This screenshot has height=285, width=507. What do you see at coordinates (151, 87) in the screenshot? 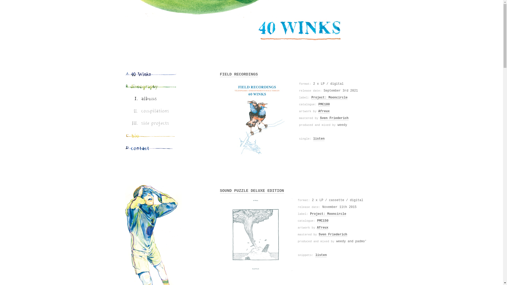
I see `'Discography'` at bounding box center [151, 87].